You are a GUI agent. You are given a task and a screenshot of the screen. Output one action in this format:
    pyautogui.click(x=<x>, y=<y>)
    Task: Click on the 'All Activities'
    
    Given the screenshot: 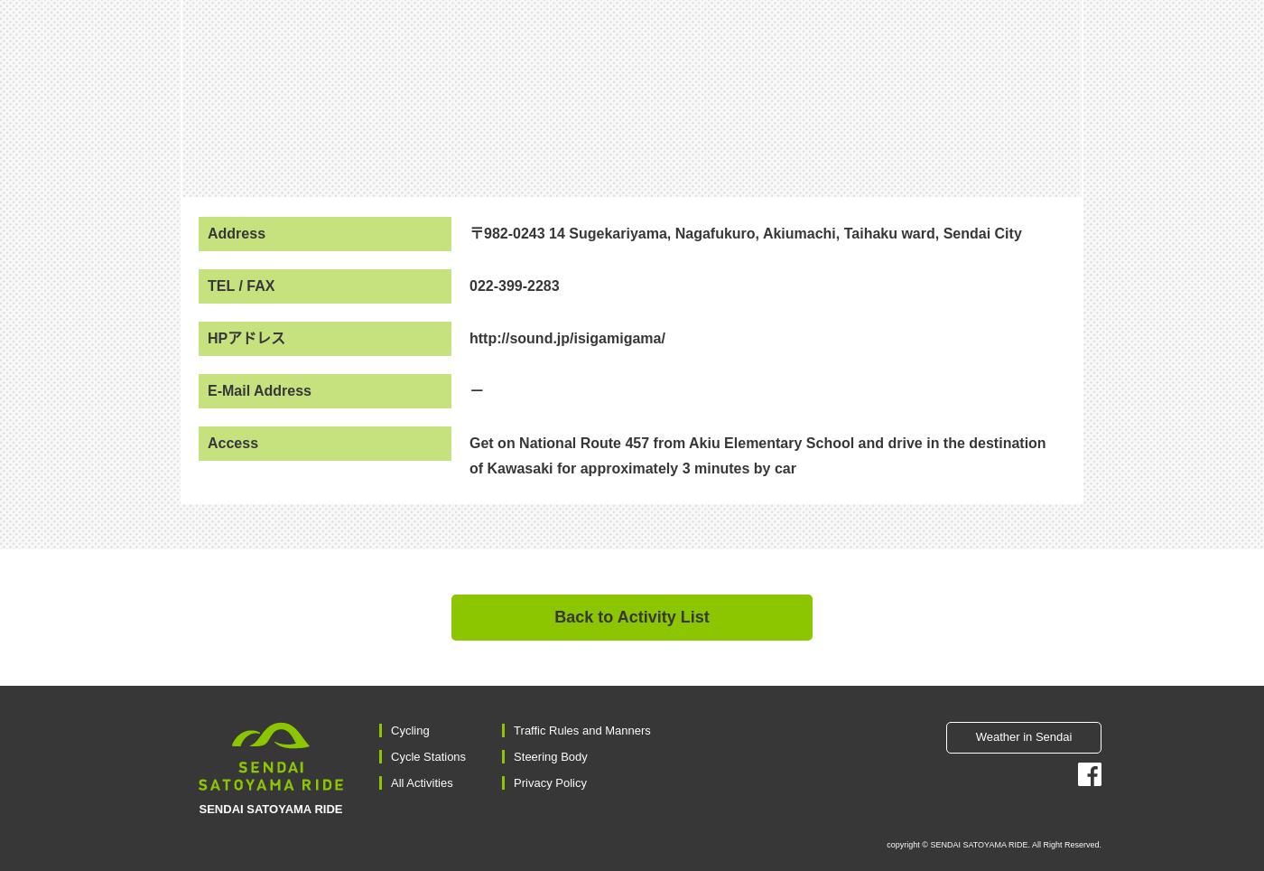 What is the action you would take?
    pyautogui.click(x=422, y=782)
    